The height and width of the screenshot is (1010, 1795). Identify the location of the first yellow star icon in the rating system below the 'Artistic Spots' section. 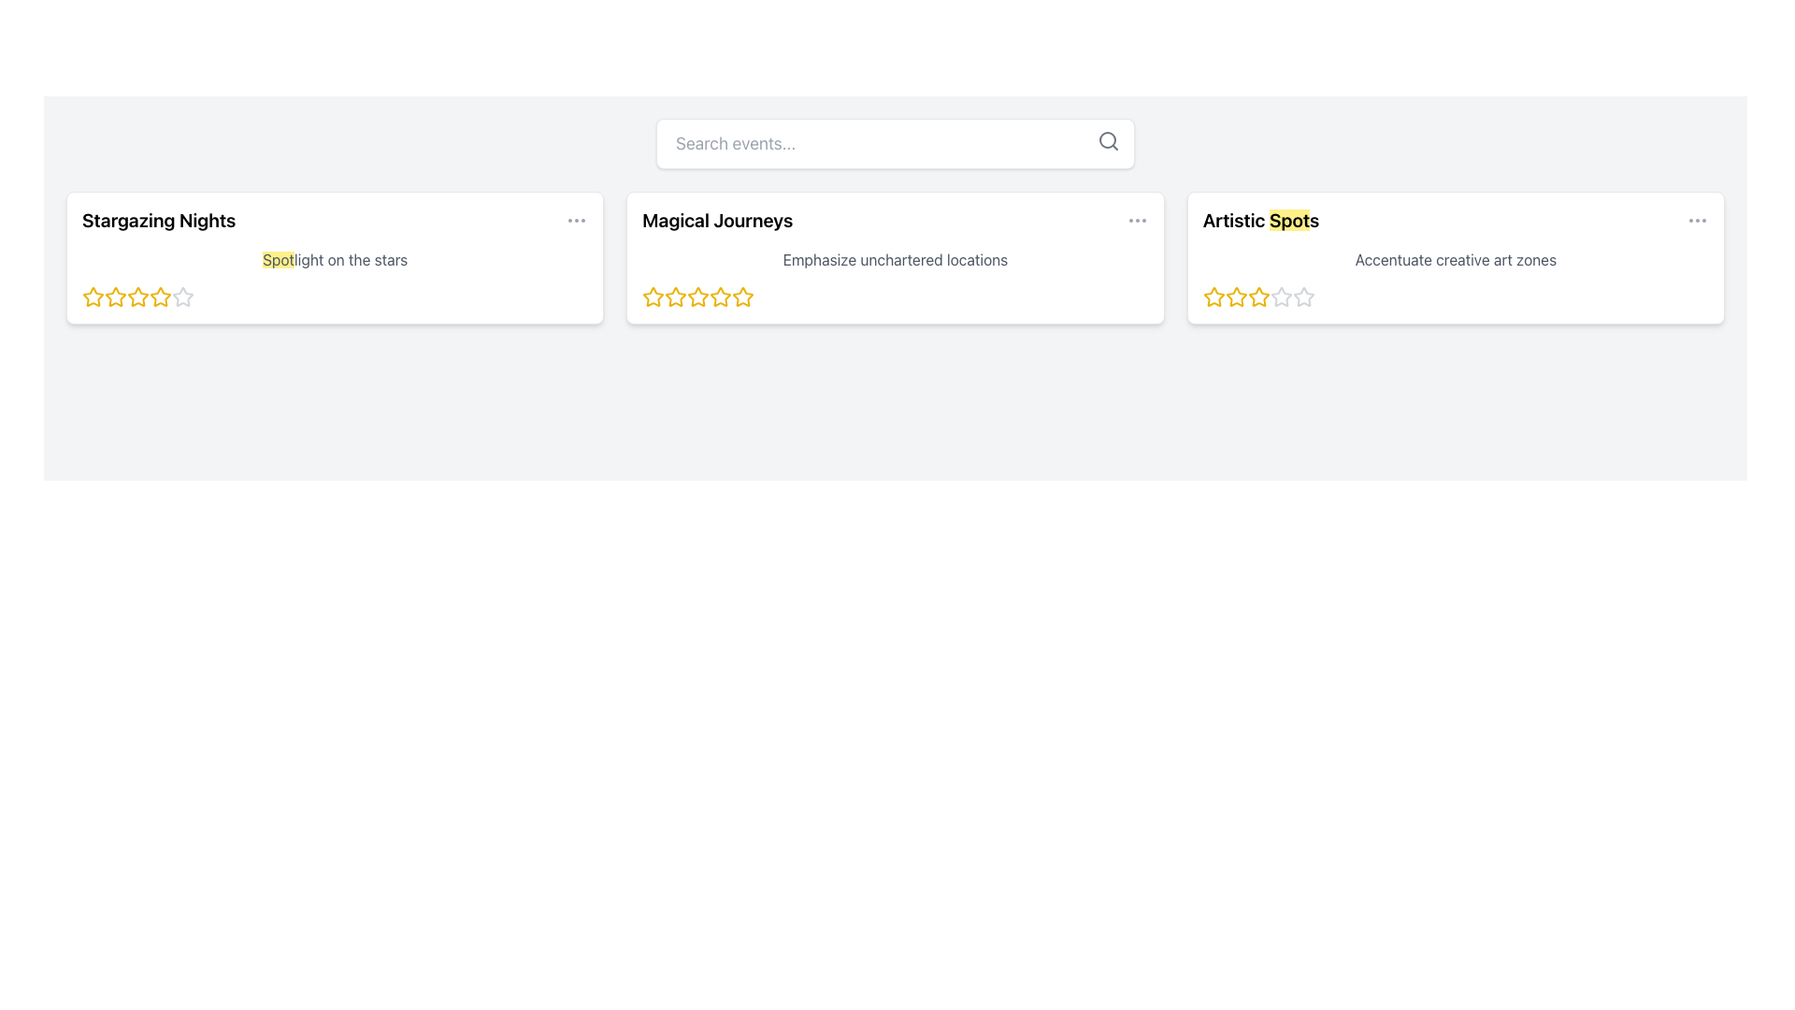
(1213, 295).